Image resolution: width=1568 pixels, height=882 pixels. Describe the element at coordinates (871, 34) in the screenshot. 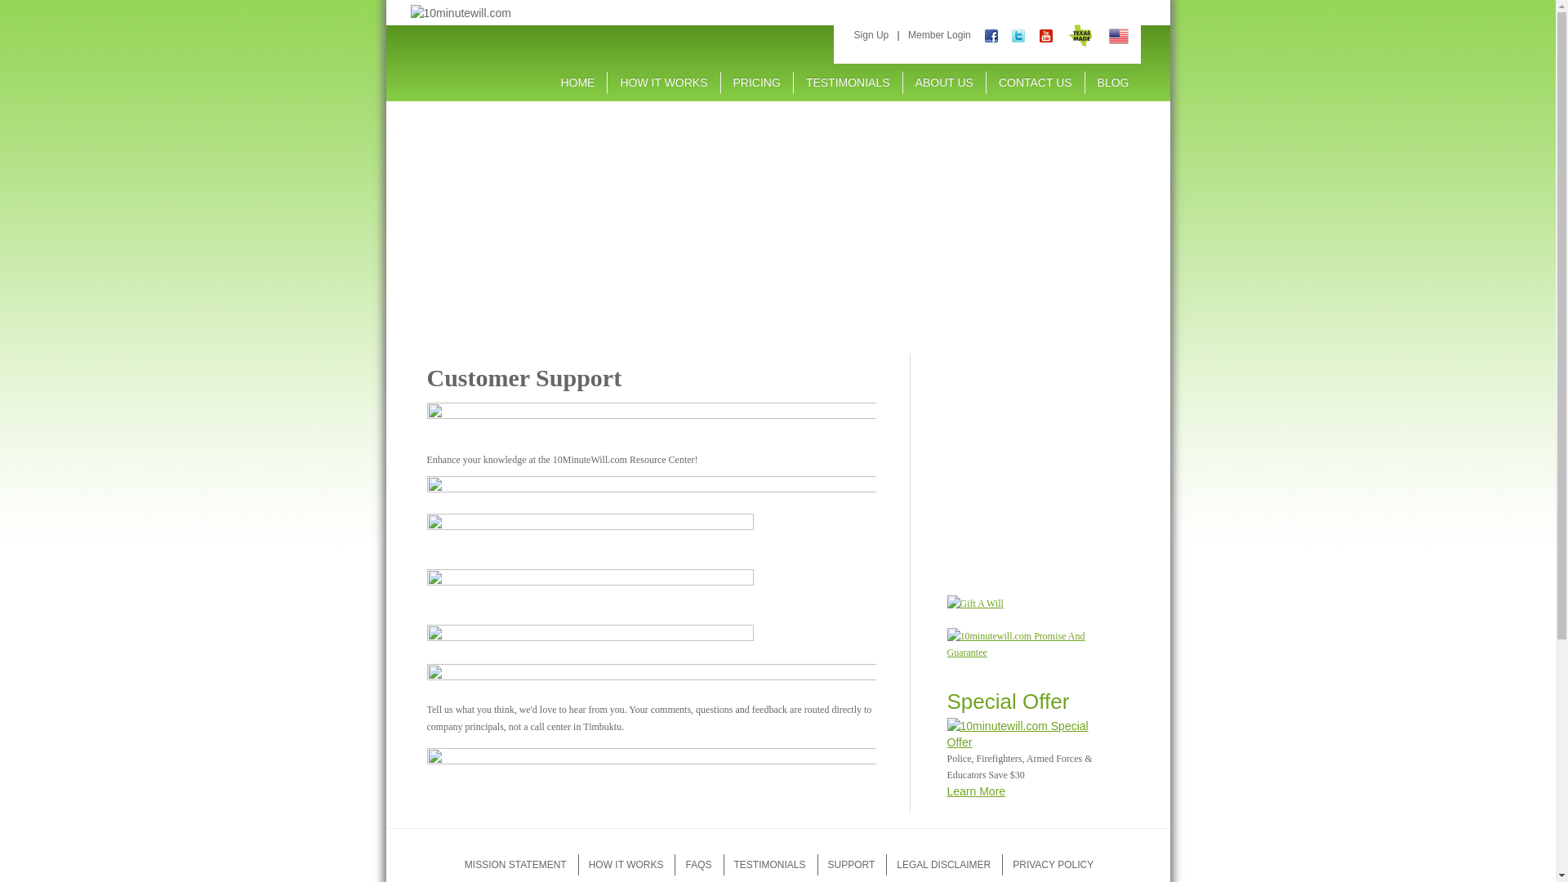

I see `'Sign Up'` at that location.